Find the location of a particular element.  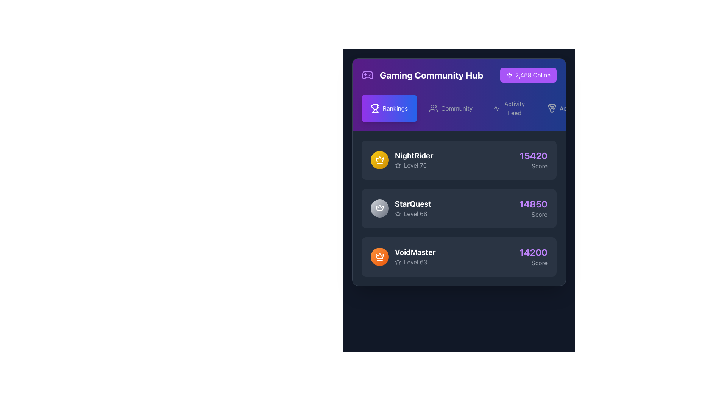

the small, lightning-bolt-shaped purple outline icon located next to the text '2,458 Online' in the top right of the dark interface is located at coordinates (509, 75).